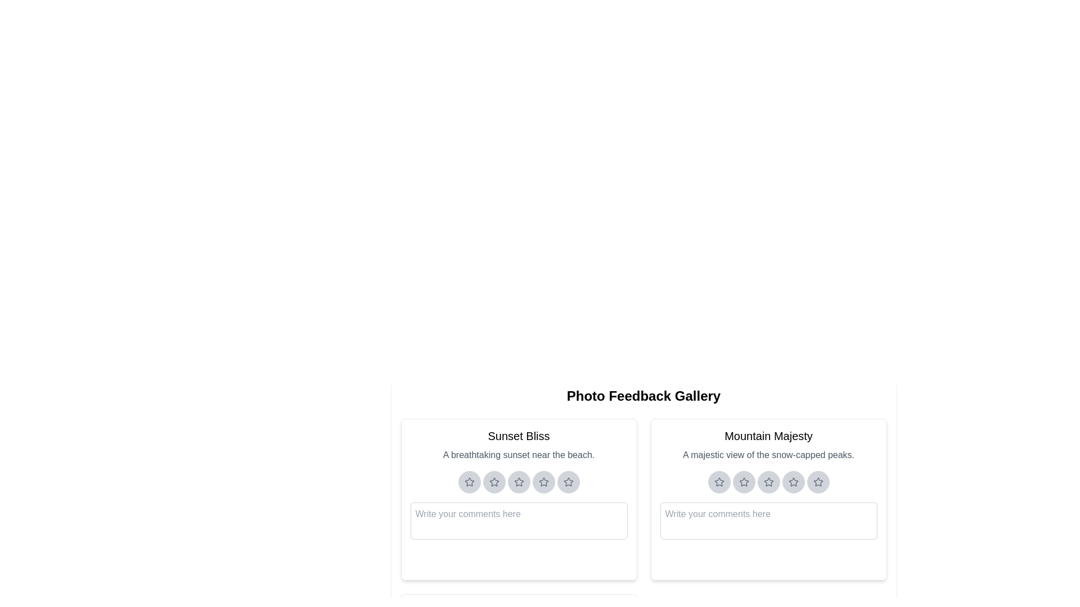  What do you see at coordinates (494, 481) in the screenshot?
I see `the second star-shaped icon with a gray border` at bounding box center [494, 481].